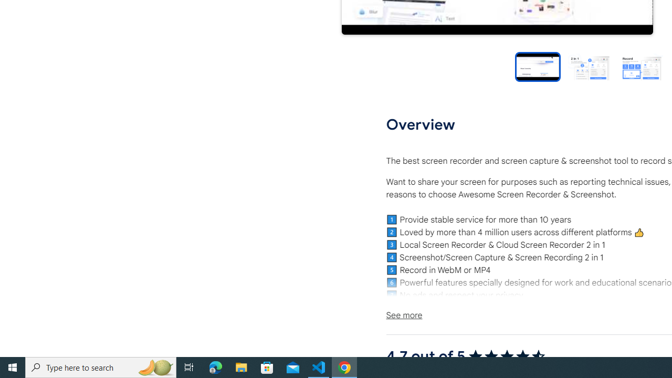 The height and width of the screenshot is (378, 672). Describe the element at coordinates (154, 366) in the screenshot. I see `'Search highlights icon opens search home window'` at that location.